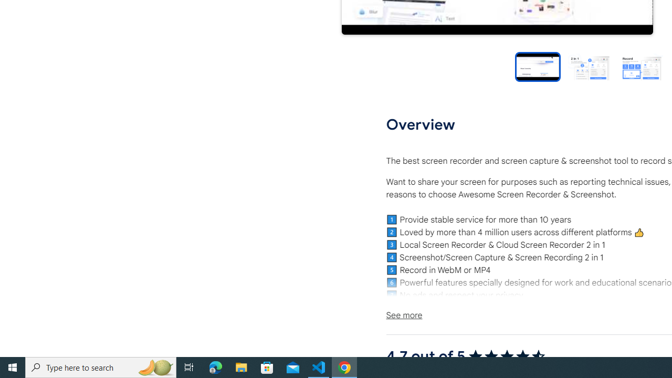 The height and width of the screenshot is (378, 672). Describe the element at coordinates (154, 366) in the screenshot. I see `'Search highlights icon opens search home window'` at that location.